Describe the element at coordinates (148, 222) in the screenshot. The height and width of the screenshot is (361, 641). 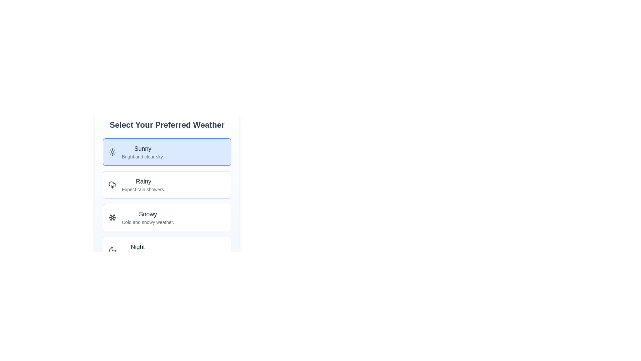
I see `the text label displaying 'Cold and snowy weather.' located below the title 'Snowy' in the weather preference section` at that location.